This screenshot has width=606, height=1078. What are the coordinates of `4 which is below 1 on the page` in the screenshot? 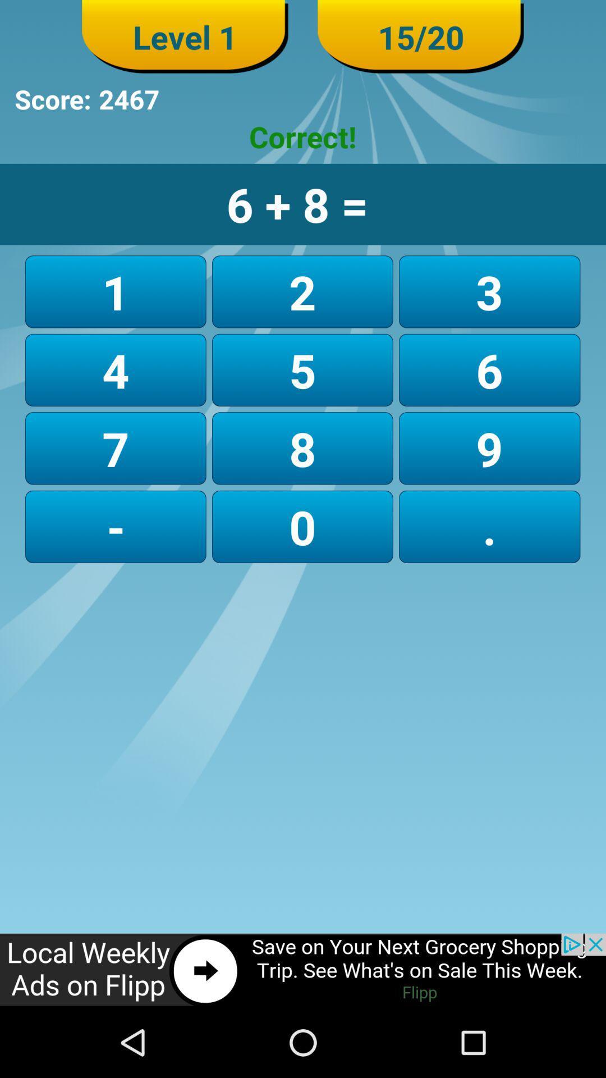 It's located at (116, 370).